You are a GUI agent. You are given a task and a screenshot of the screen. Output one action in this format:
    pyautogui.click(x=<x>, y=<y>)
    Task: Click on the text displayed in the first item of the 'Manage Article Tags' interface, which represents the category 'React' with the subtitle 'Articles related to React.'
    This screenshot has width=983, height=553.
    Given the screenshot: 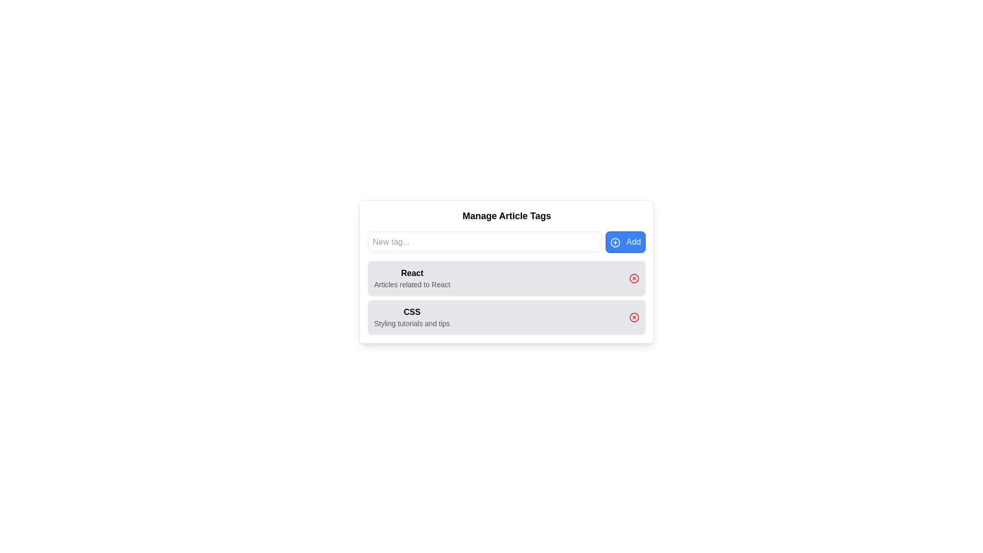 What is the action you would take?
    pyautogui.click(x=412, y=278)
    